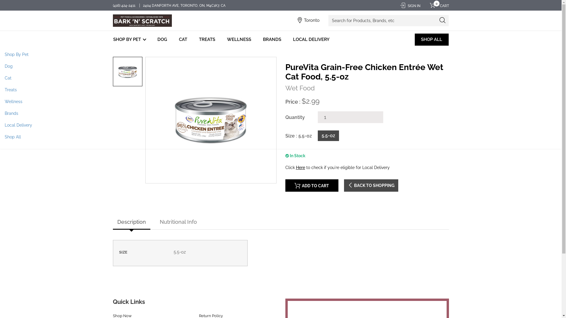  I want to click on 'Nutritional Info', so click(178, 222).